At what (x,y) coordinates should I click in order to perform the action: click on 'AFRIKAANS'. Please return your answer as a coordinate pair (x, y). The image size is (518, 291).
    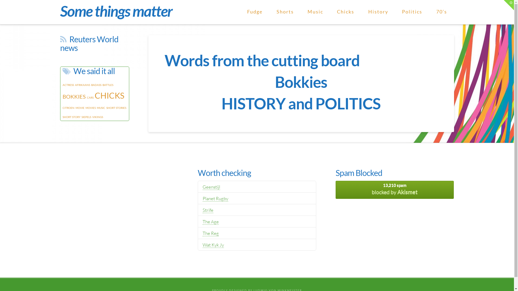
    Looking at the image, I should click on (82, 85).